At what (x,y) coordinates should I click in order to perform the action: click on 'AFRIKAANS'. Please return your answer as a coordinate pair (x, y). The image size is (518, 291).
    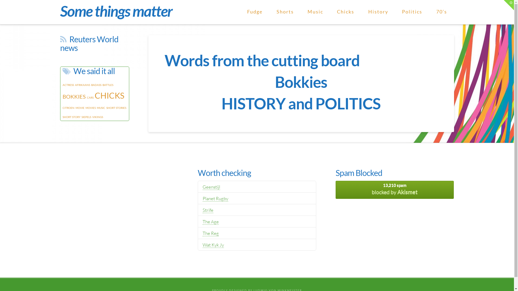
    Looking at the image, I should click on (82, 85).